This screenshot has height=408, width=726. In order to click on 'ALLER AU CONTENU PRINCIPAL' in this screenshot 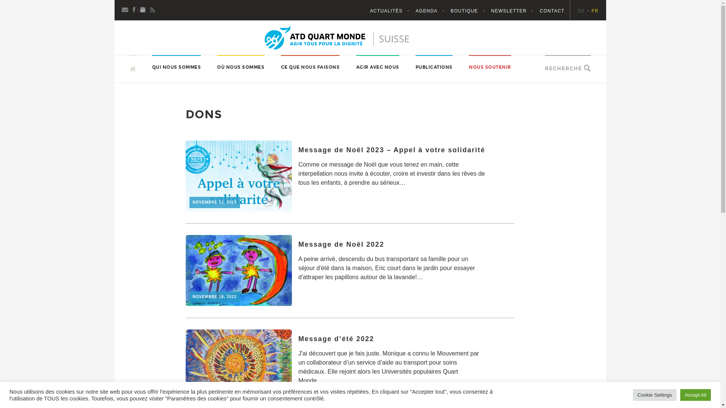, I will do `click(129, 54)`.